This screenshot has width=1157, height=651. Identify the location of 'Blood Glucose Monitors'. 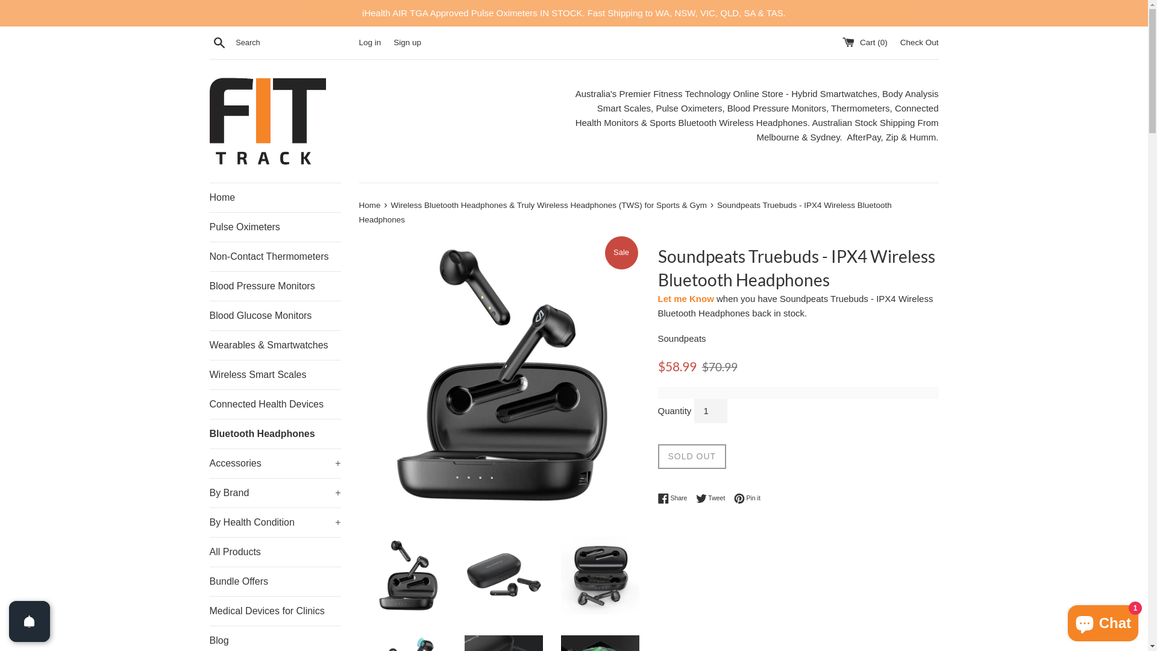
(274, 315).